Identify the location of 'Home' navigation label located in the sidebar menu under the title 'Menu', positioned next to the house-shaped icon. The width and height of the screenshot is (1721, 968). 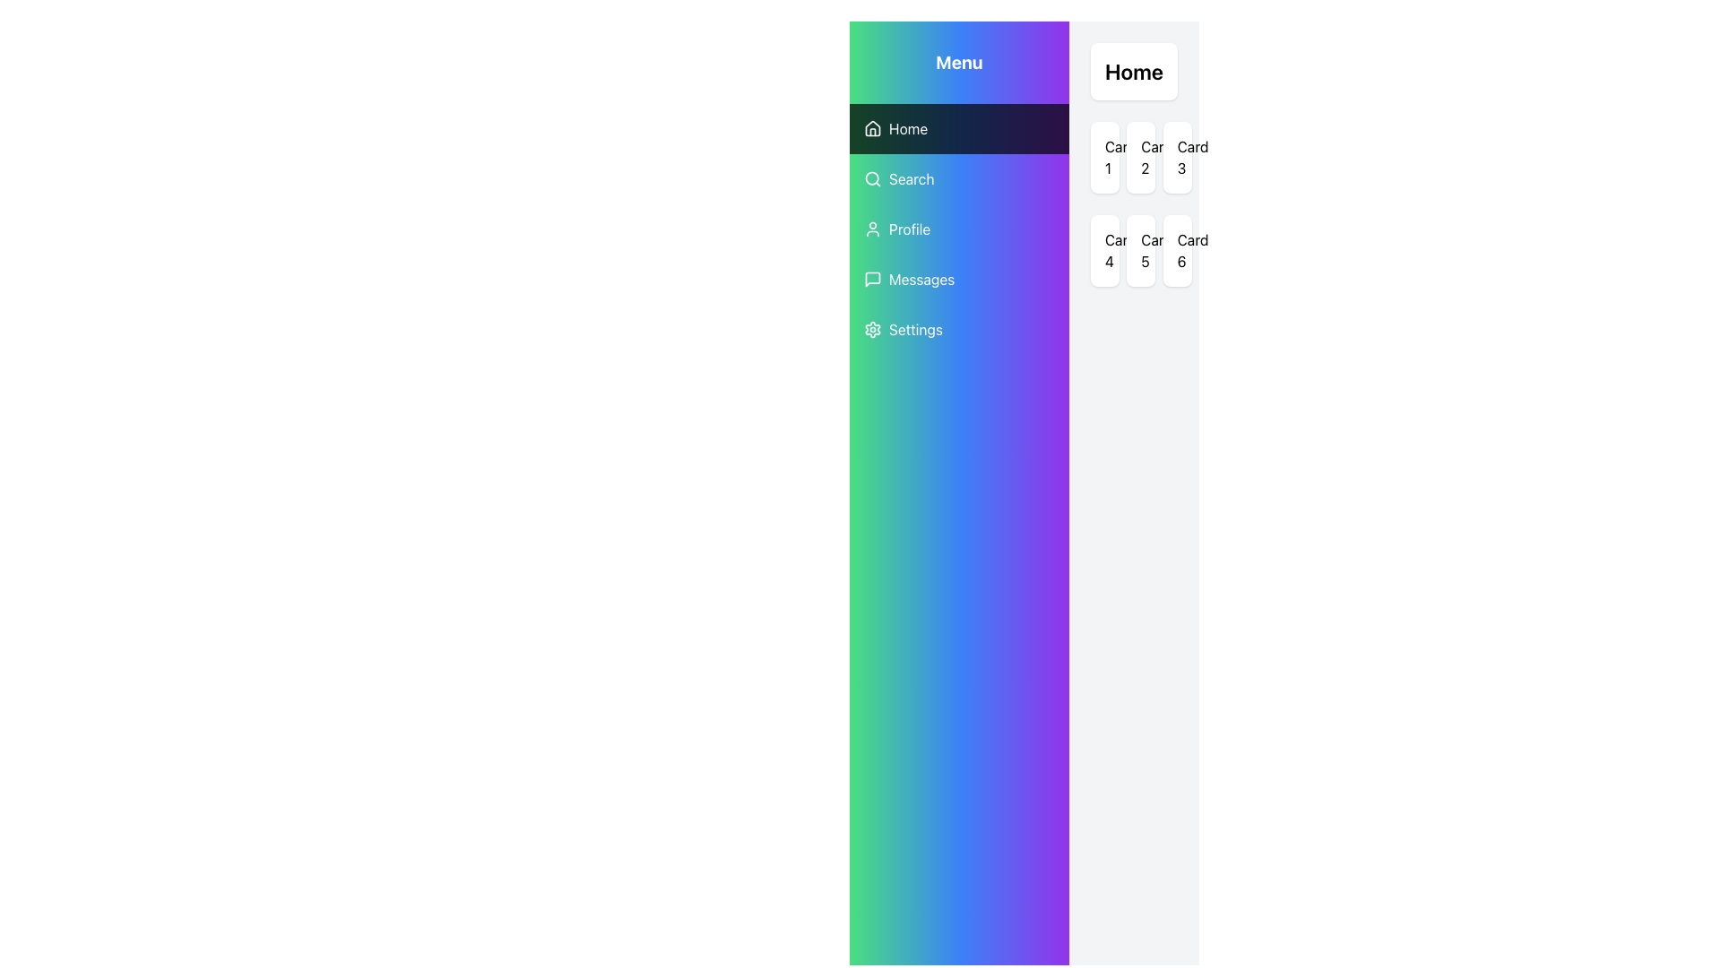
(908, 127).